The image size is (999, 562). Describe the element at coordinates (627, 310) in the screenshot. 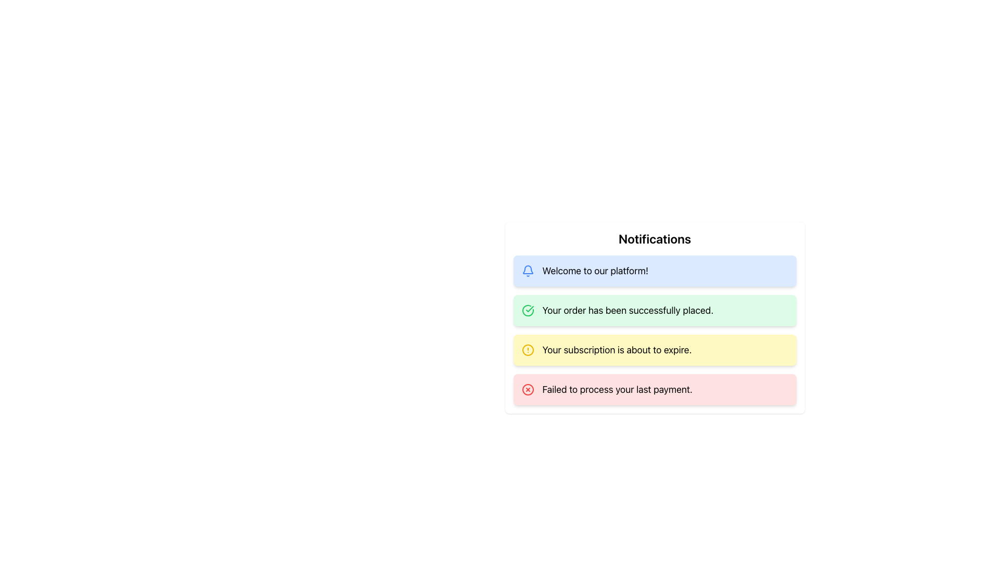

I see `static text that informs the user their order has been placed successfully, located within a green alert box as the second notification in a vertical notification list` at that location.